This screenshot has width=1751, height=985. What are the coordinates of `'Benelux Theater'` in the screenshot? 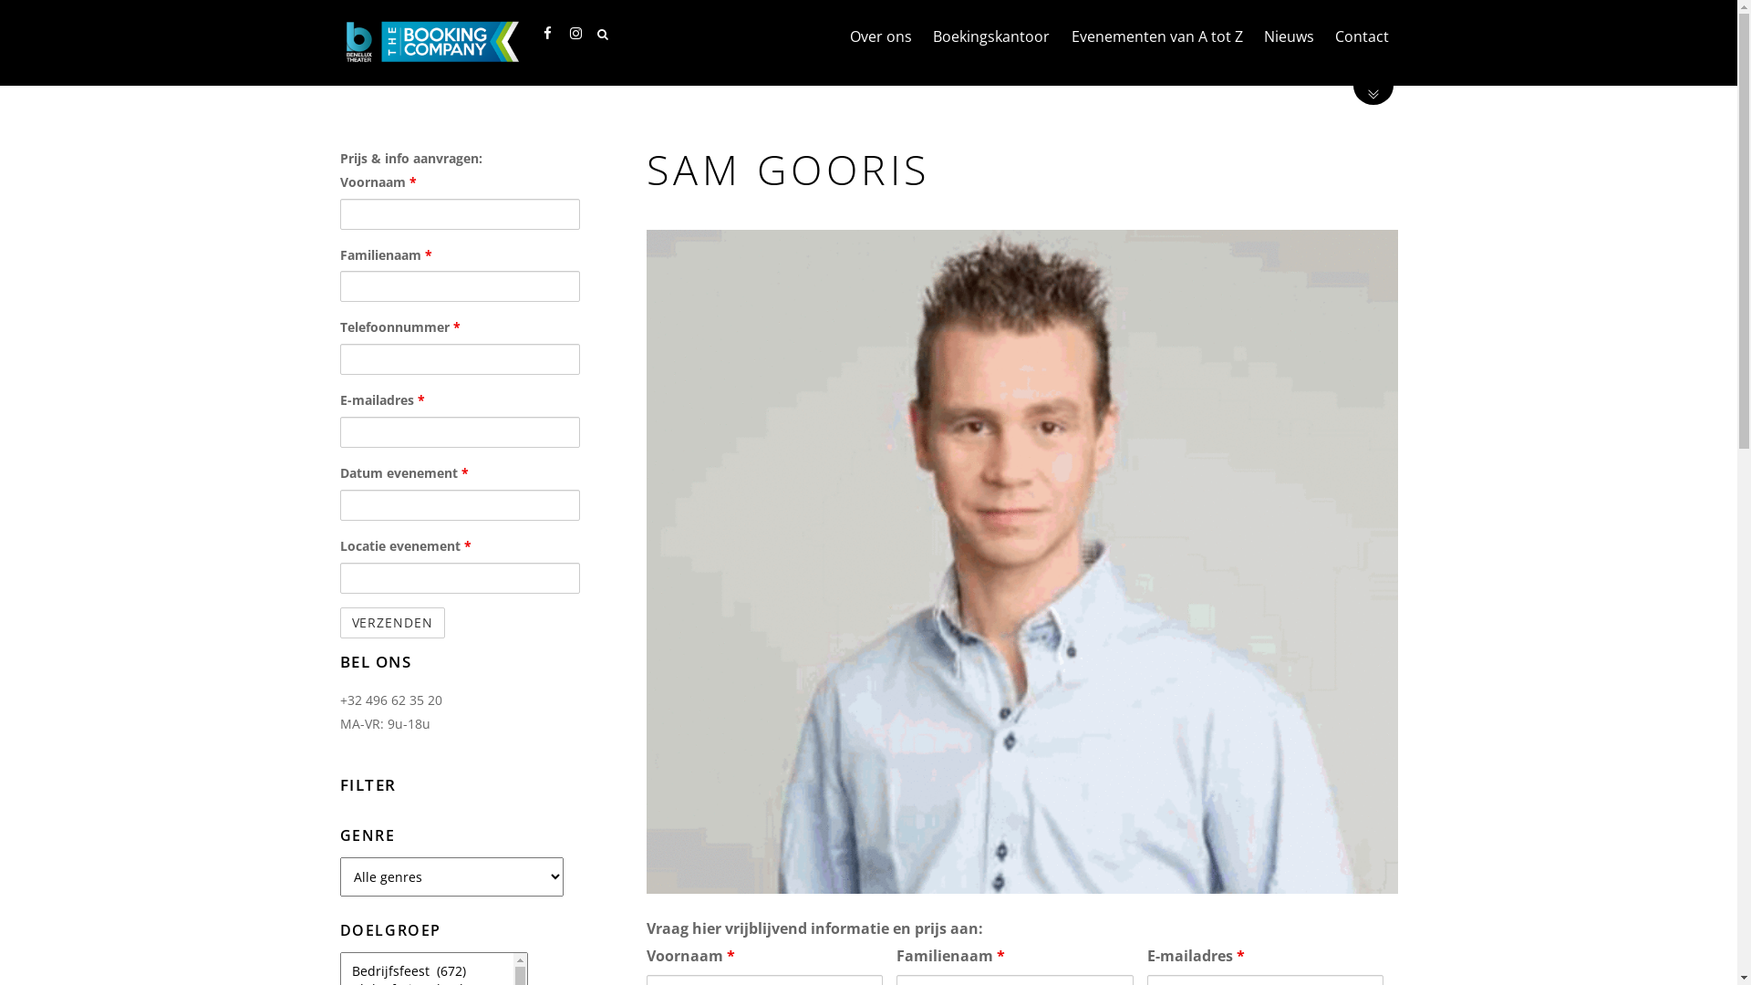 It's located at (429, 41).